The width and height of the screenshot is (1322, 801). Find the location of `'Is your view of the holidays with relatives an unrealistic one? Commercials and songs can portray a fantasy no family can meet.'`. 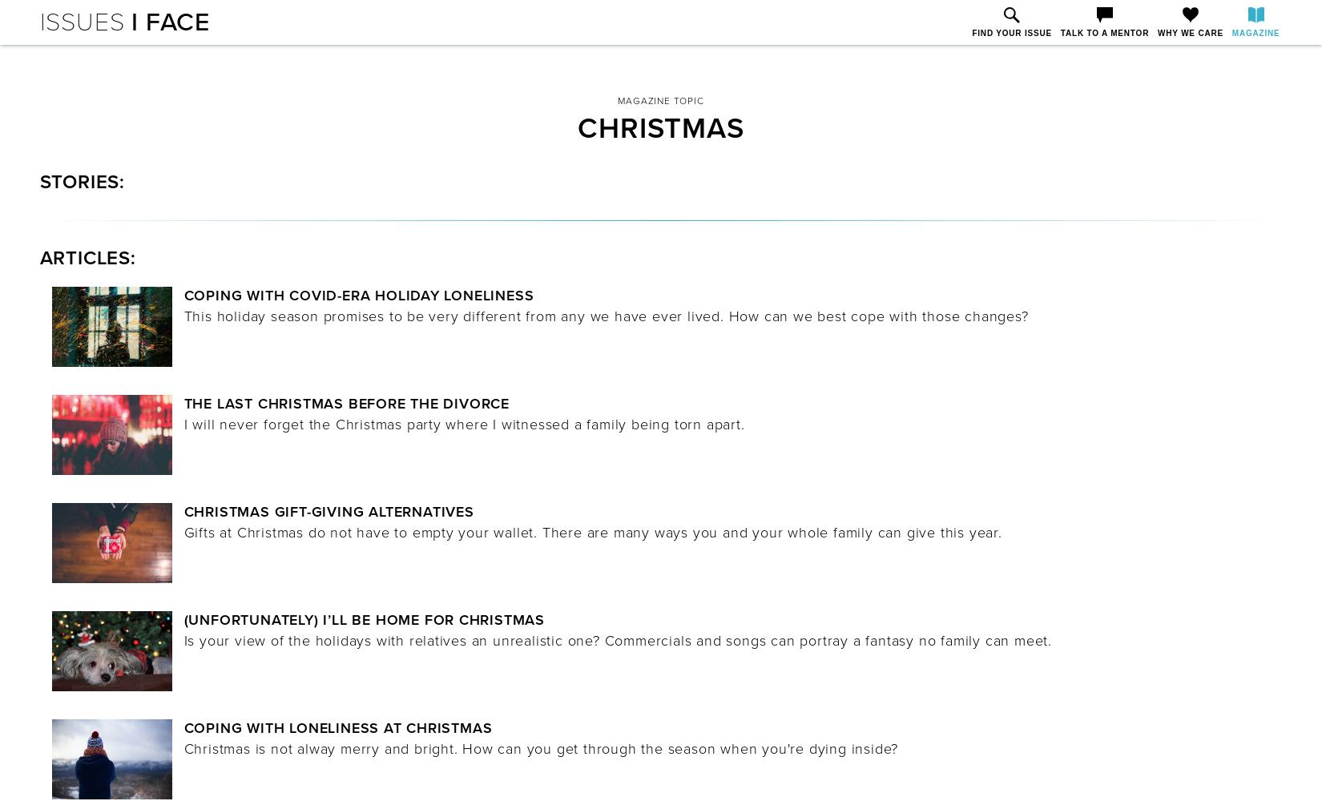

'Is your view of the holidays with relatives an unrealistic one? Commercials and songs can portray a fantasy no family can meet.' is located at coordinates (183, 641).